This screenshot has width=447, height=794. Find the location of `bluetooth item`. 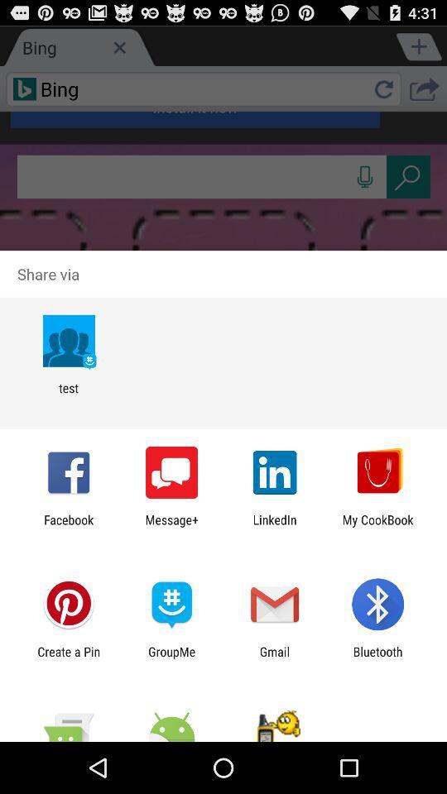

bluetooth item is located at coordinates (377, 658).